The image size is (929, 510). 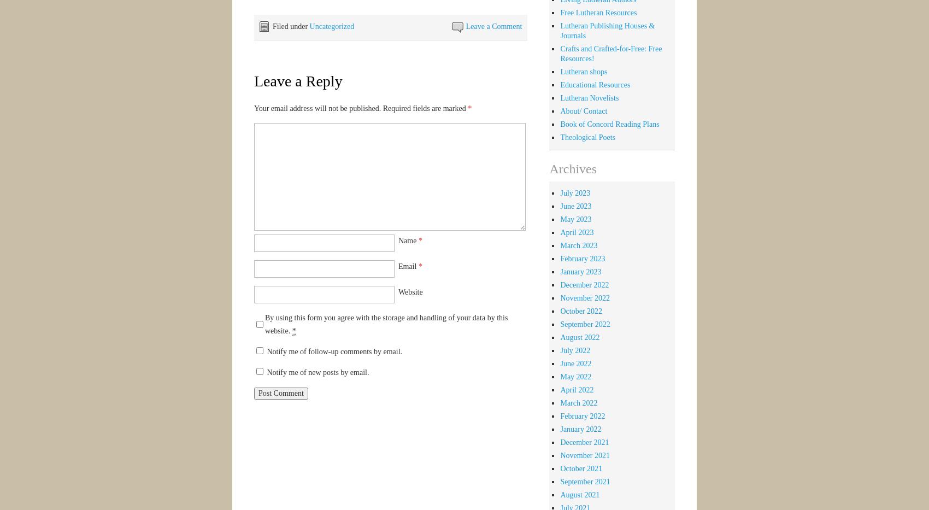 What do you see at coordinates (574, 192) in the screenshot?
I see `'July 2023'` at bounding box center [574, 192].